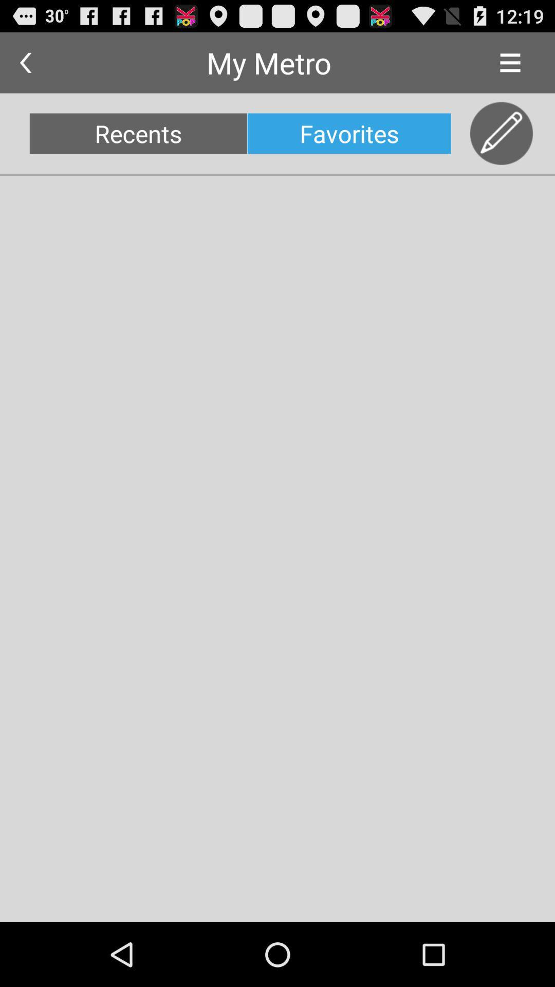 The image size is (555, 987). Describe the element at coordinates (510, 62) in the screenshot. I see `item to the right of the my metro app` at that location.